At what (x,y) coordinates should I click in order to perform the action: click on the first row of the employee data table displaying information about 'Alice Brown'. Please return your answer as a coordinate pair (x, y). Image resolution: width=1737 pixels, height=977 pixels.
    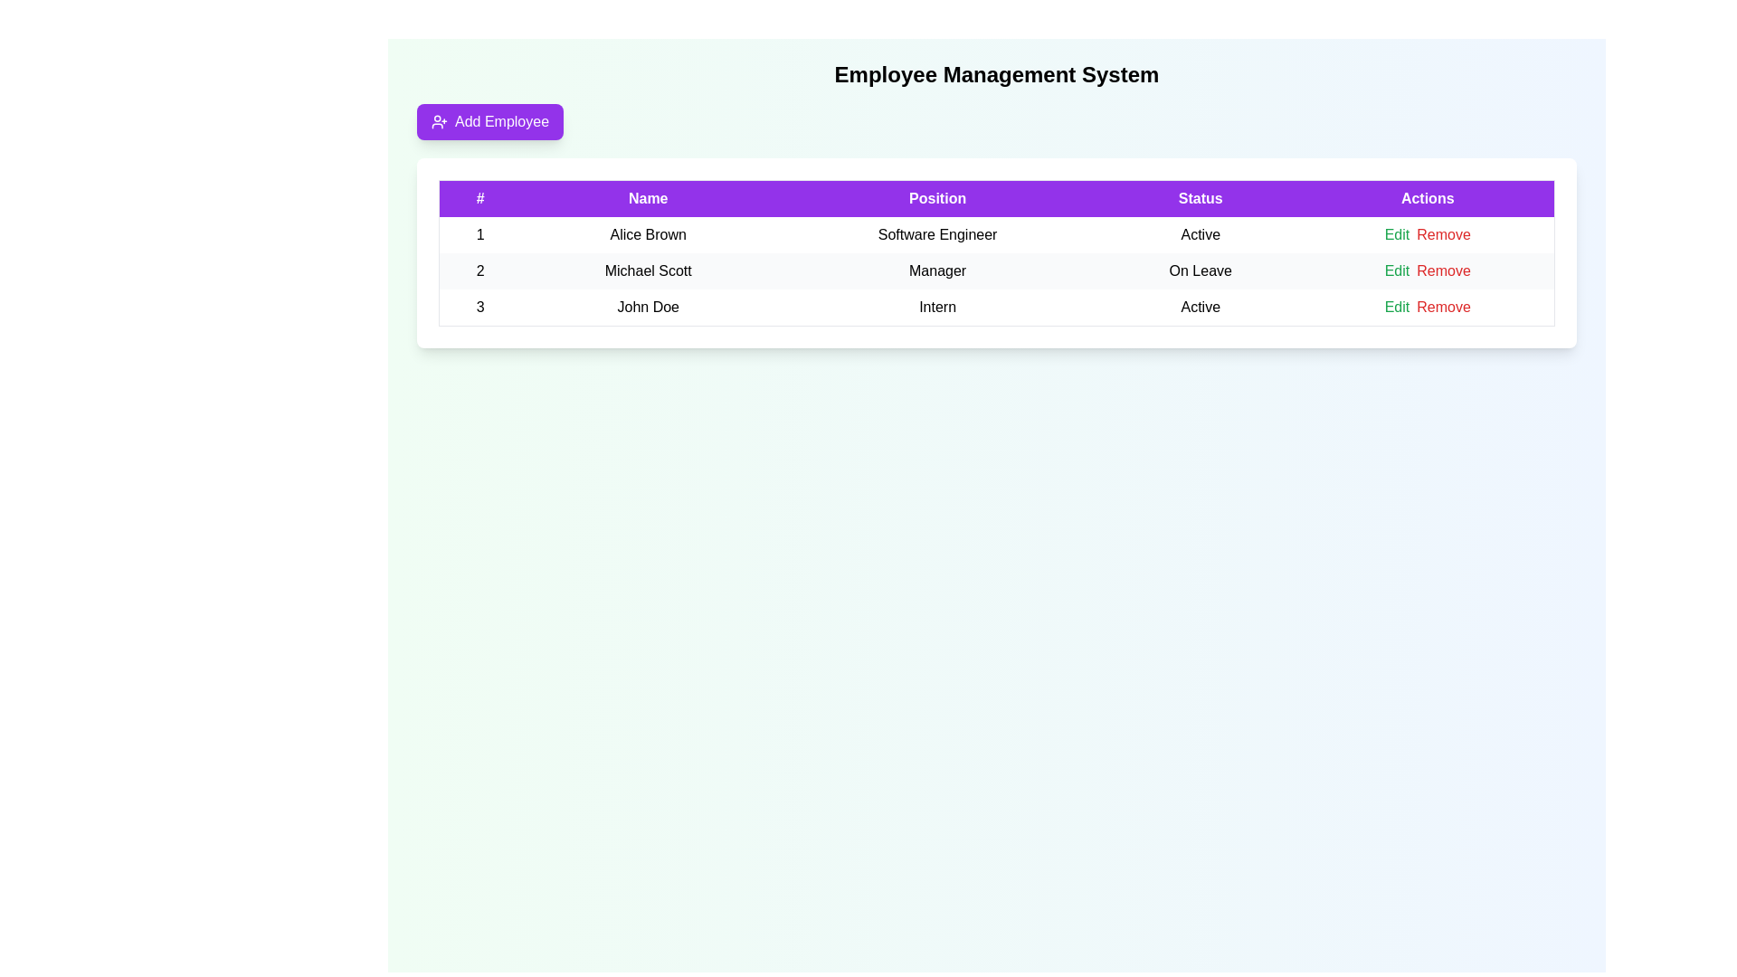
    Looking at the image, I should click on (996, 233).